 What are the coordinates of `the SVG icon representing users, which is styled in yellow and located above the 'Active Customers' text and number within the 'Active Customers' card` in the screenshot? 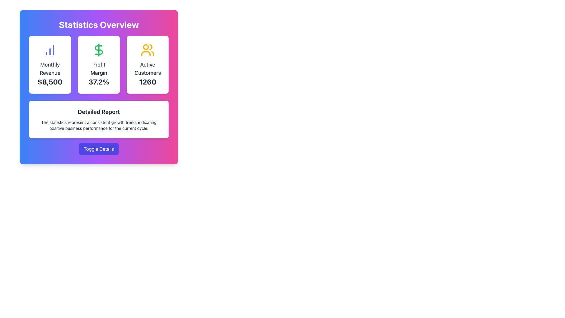 It's located at (148, 49).